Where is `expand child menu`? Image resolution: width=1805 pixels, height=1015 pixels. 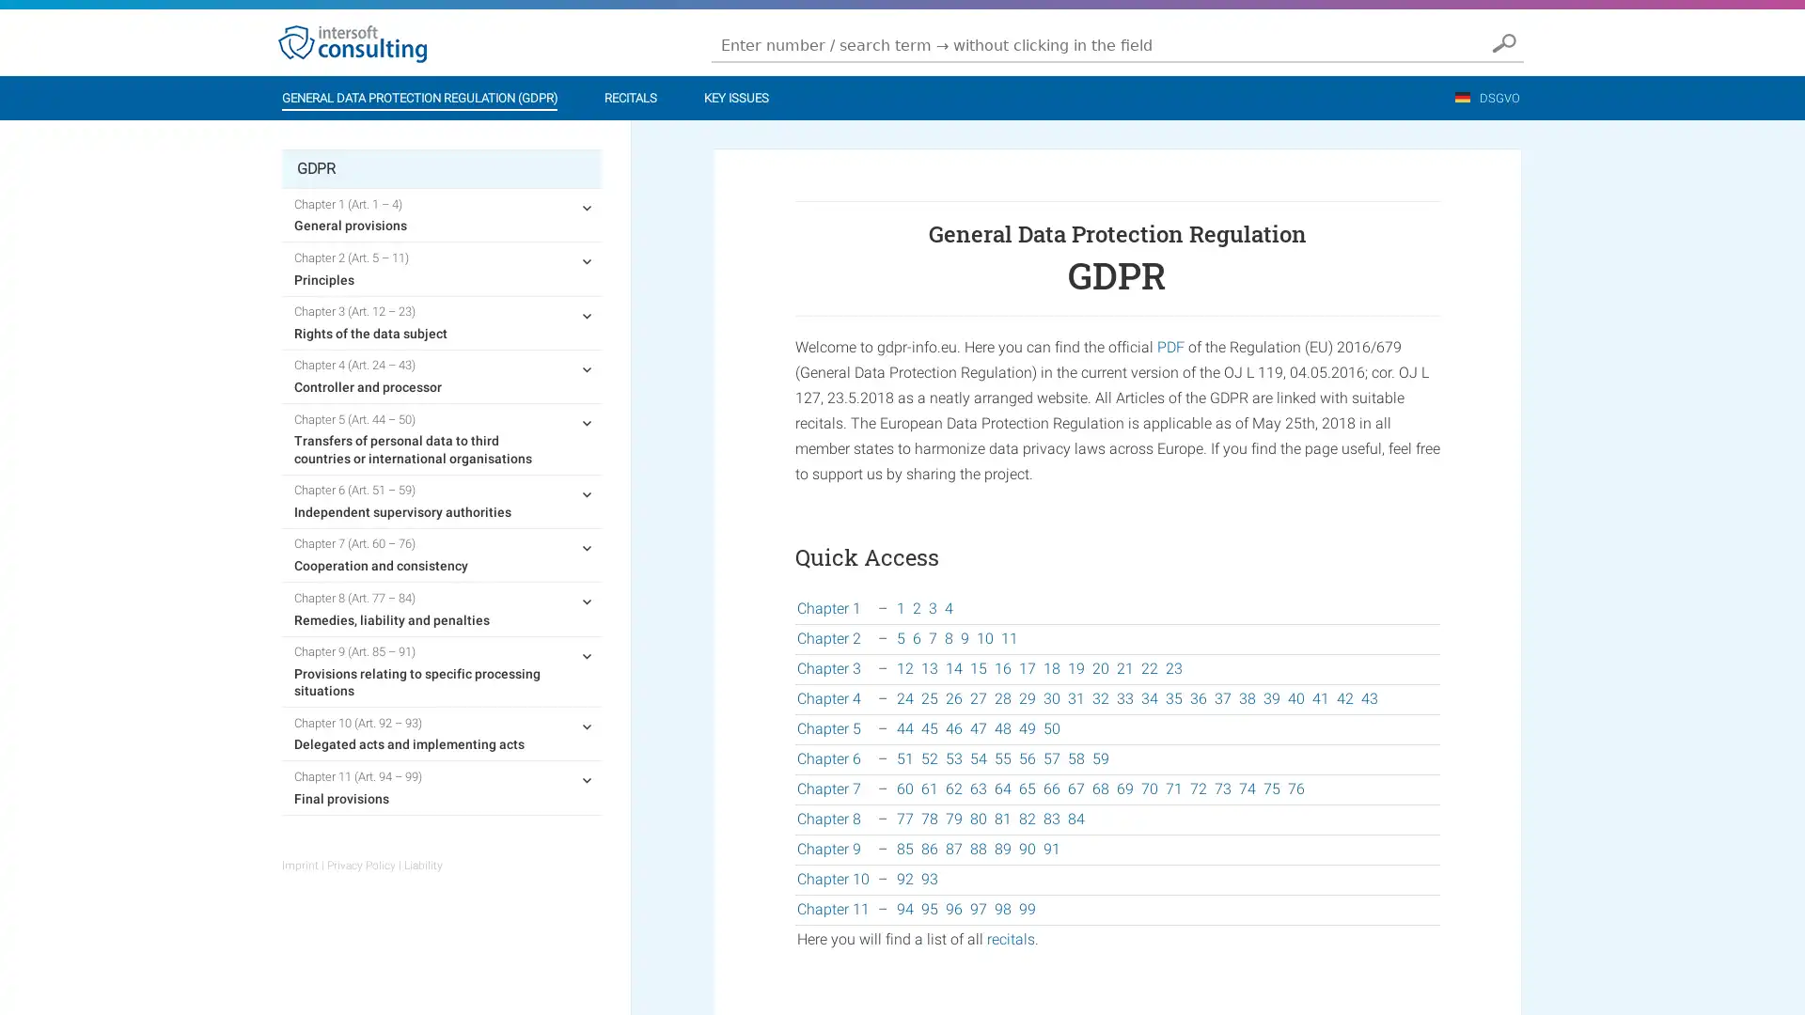 expand child menu is located at coordinates (586, 654).